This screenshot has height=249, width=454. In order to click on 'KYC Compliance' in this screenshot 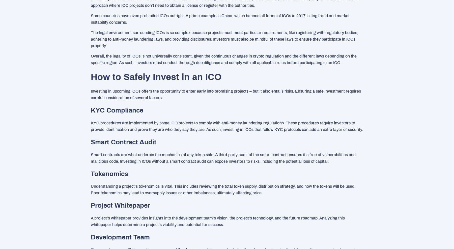, I will do `click(117, 109)`.